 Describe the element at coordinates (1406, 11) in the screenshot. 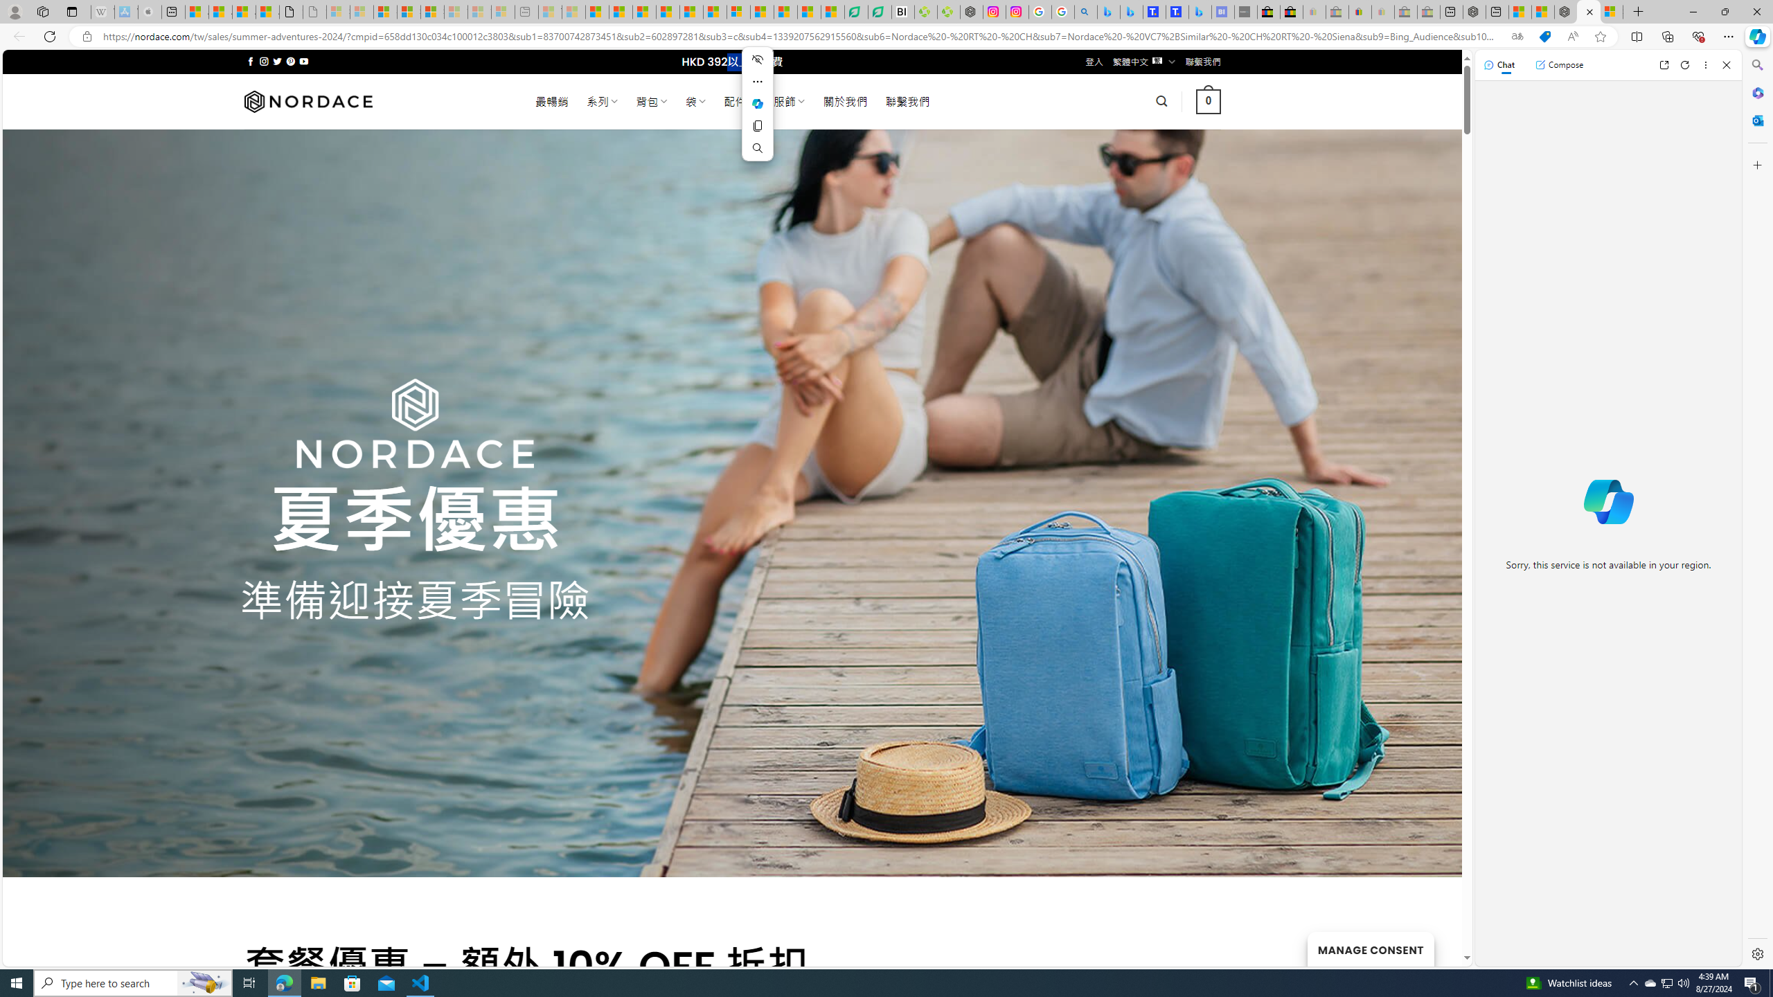

I see `'Press Room - eBay Inc. - Sleeping'` at that location.